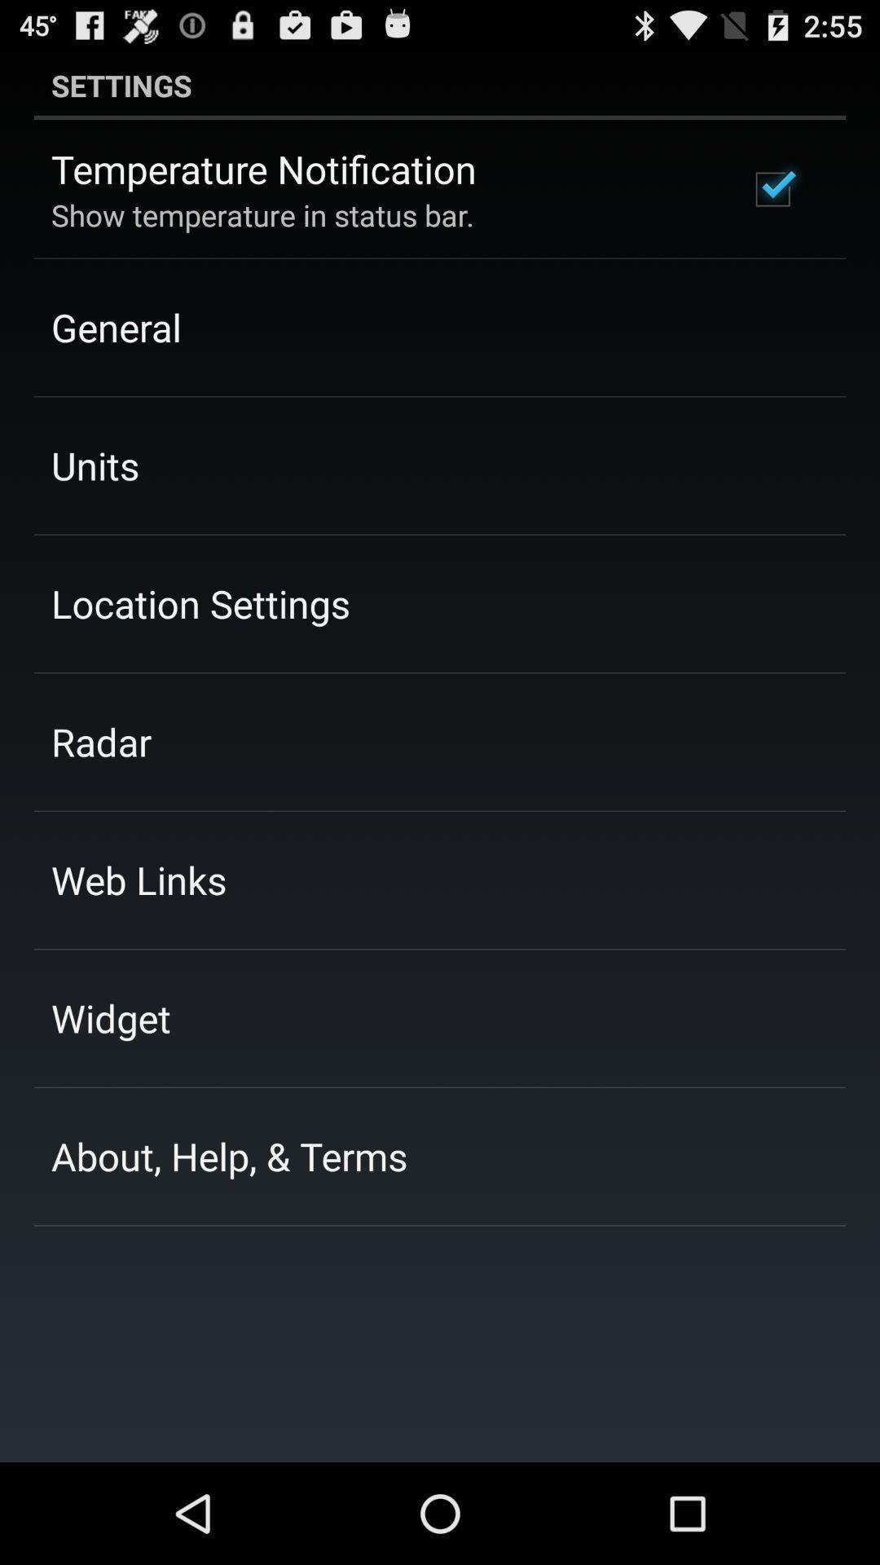 This screenshot has width=880, height=1565. Describe the element at coordinates (200, 602) in the screenshot. I see `the location settings icon` at that location.